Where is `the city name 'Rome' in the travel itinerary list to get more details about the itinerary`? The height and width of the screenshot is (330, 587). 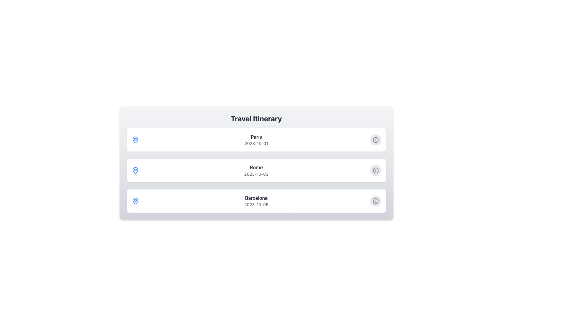 the city name 'Rome' in the travel itinerary list to get more details about the itinerary is located at coordinates (256, 170).